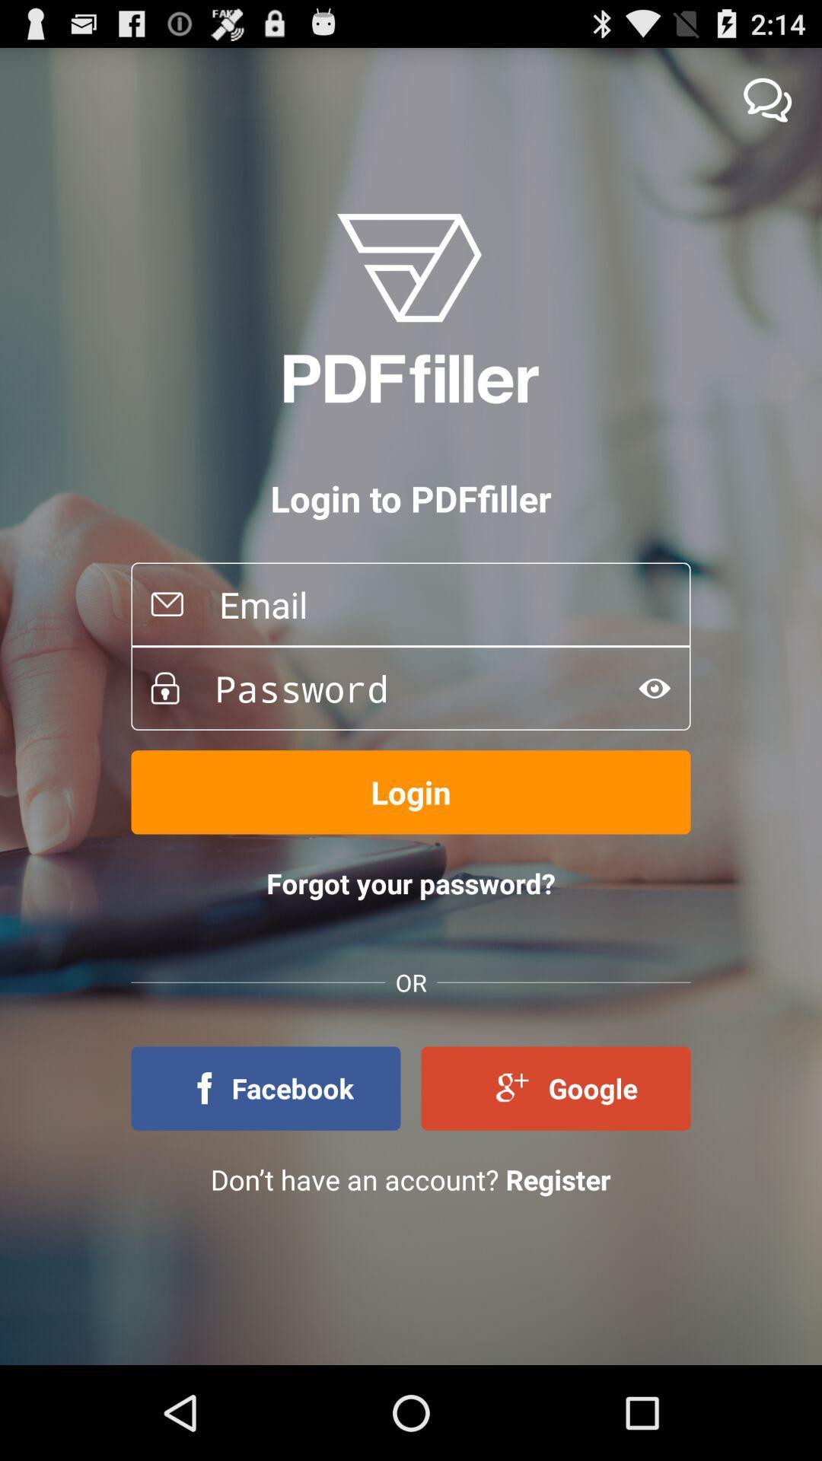  What do you see at coordinates (654, 687) in the screenshot?
I see `text` at bounding box center [654, 687].